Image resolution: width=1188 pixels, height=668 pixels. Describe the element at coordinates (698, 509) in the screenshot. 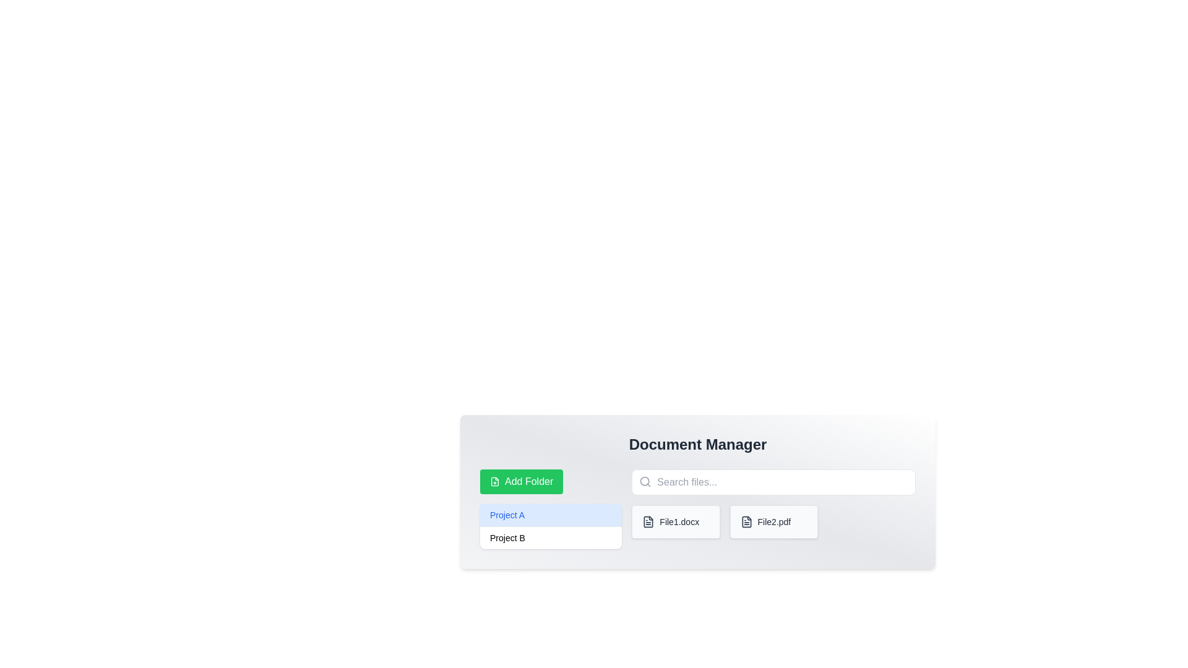

I see `the File item display component labeled 'File1.docx'` at that location.